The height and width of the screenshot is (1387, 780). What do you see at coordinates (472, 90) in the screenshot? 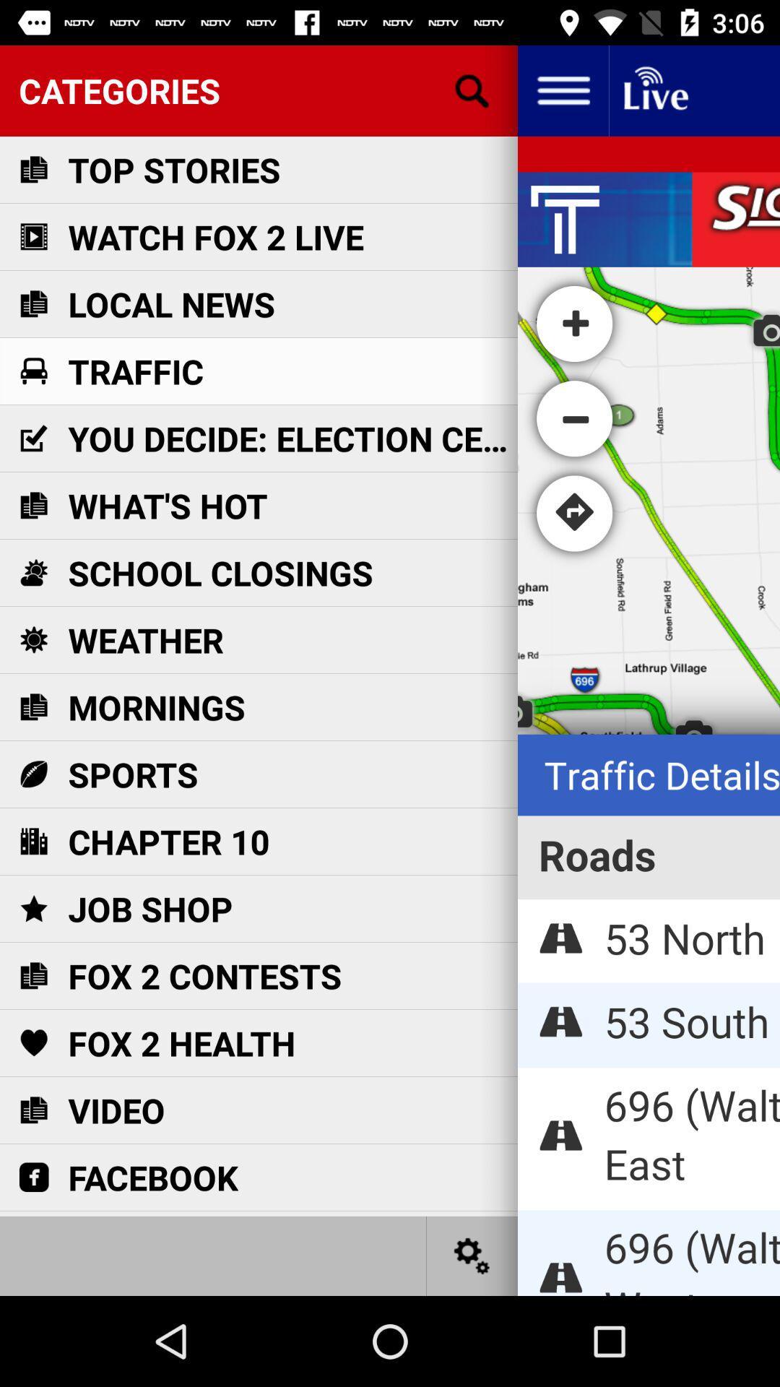
I see `the search icon` at bounding box center [472, 90].